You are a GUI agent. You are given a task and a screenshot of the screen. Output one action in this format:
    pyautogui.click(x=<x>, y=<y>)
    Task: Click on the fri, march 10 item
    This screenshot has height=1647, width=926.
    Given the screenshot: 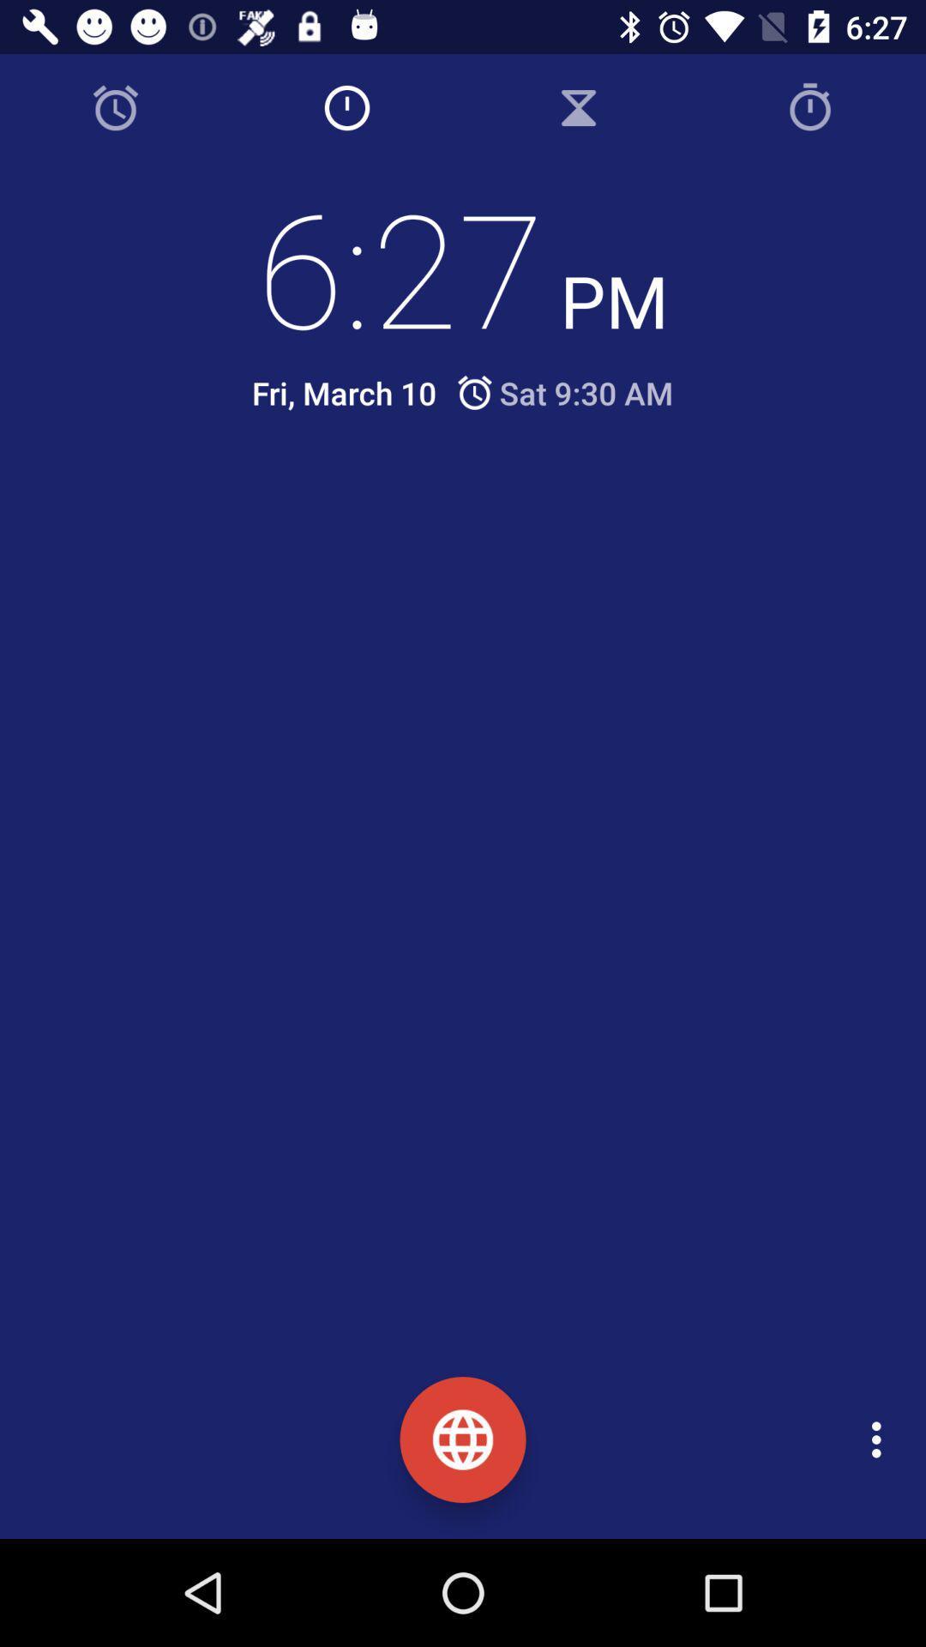 What is the action you would take?
    pyautogui.click(x=344, y=392)
    